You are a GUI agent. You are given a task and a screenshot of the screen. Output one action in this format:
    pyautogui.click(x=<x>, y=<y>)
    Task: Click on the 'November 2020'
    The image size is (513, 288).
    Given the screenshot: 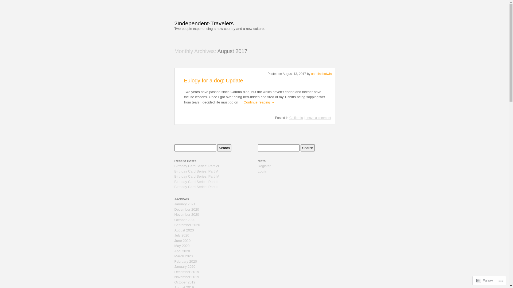 What is the action you would take?
    pyautogui.click(x=186, y=214)
    